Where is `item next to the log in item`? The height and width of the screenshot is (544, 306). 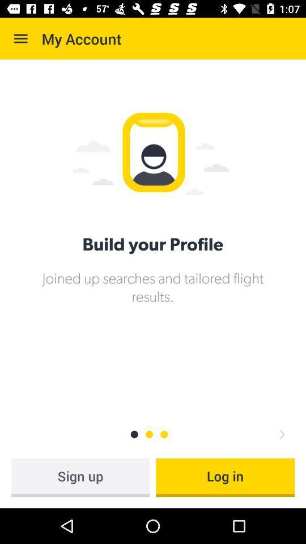
item next to the log in item is located at coordinates (80, 477).